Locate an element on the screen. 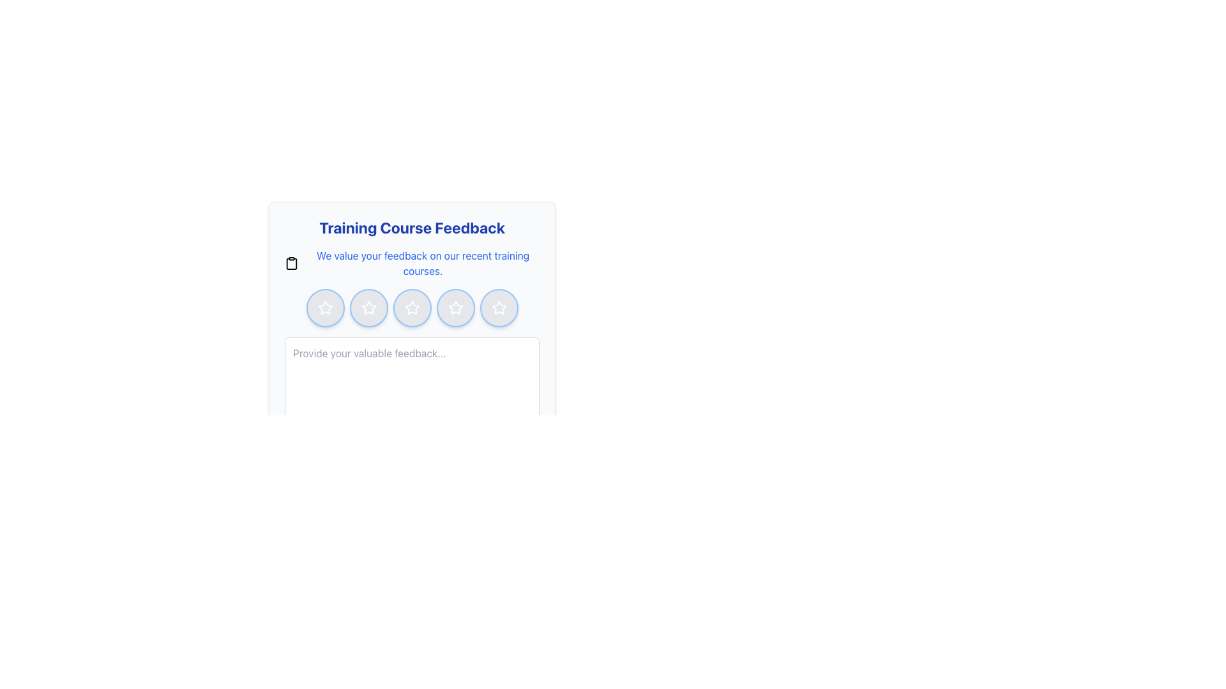  the second circular Rating Button with a blue border and a grey background, located beneath 'Training Course Feedback' is located at coordinates (368, 307).